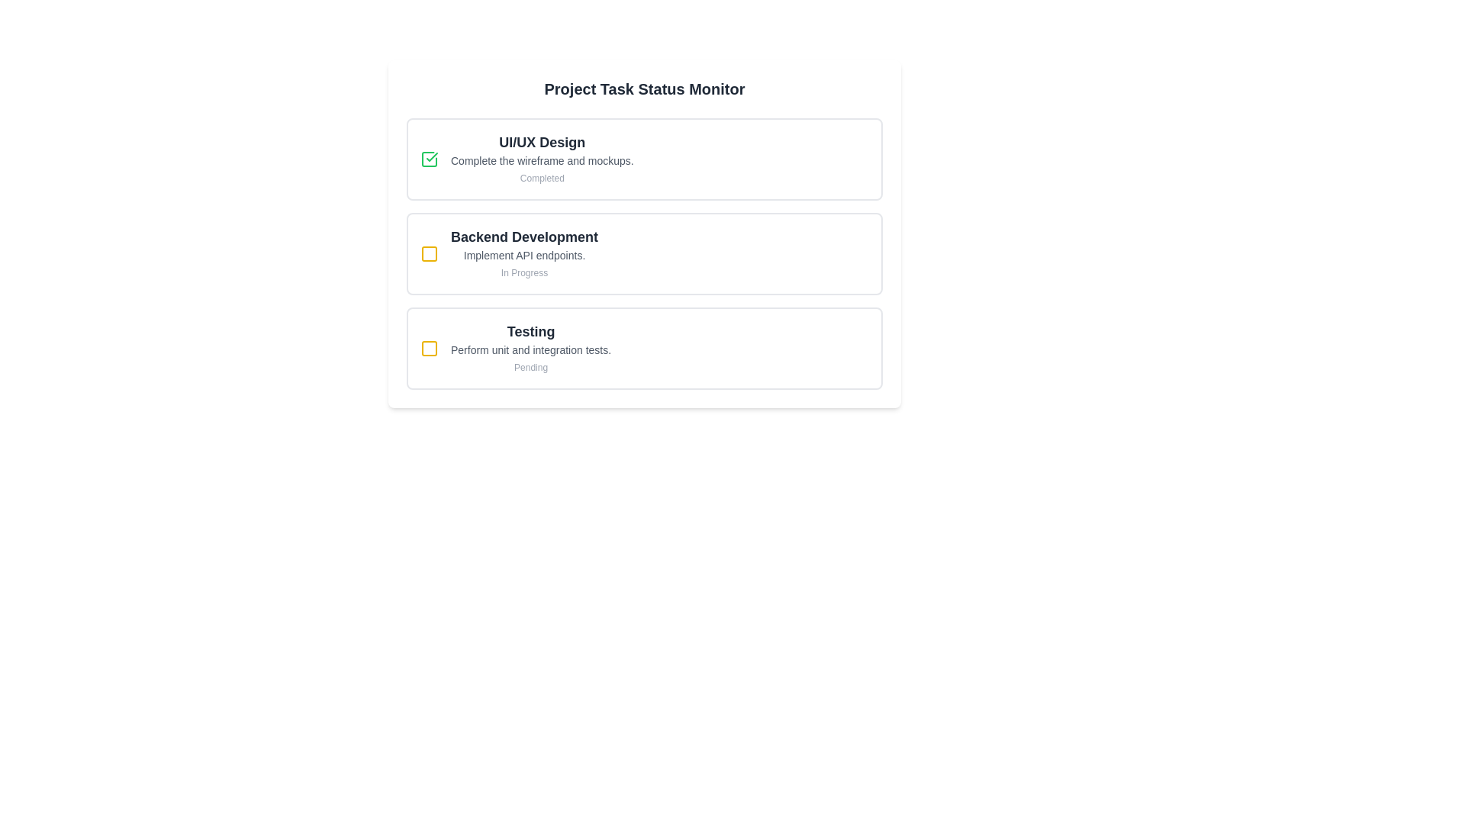 This screenshot has width=1465, height=824. I want to click on the task card displaying task information that indicates the task is completed, located at the top of the 'Project Task Status Monitor' section, so click(644, 159).